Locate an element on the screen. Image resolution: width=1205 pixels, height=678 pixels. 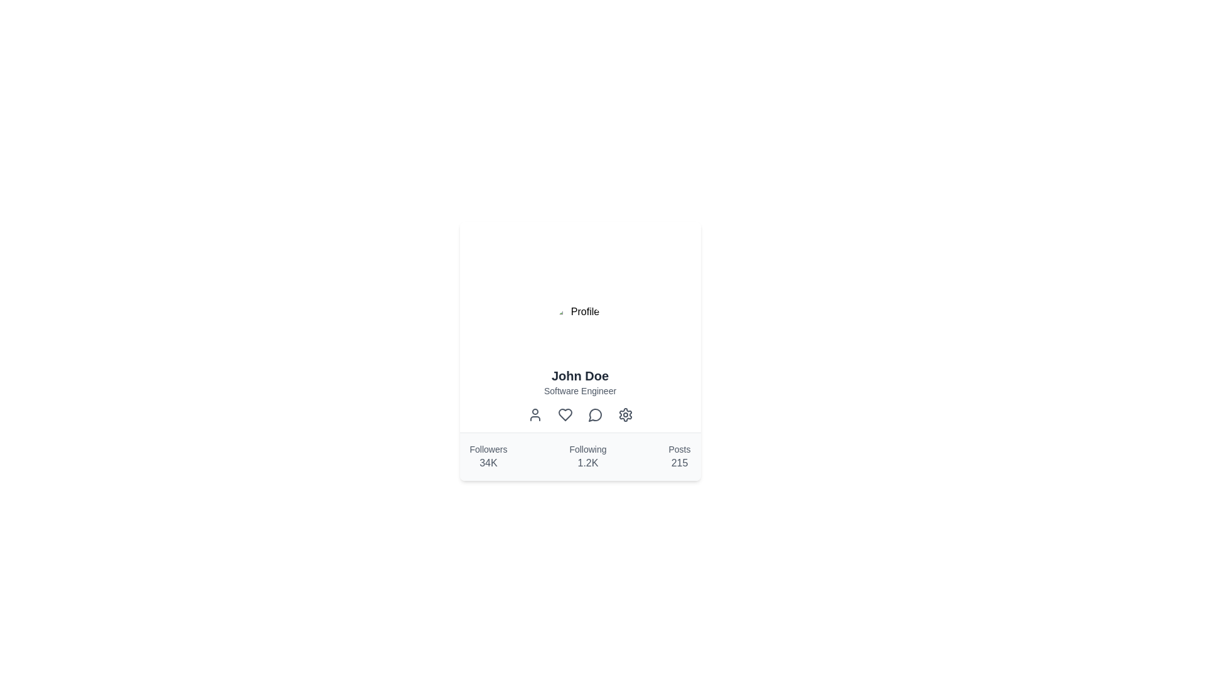
the speech bubble icon, which is a circular shape with a pointed tip at the bottom left, positioned third from the left among other icons at the bottom section of the interface is located at coordinates (594, 415).